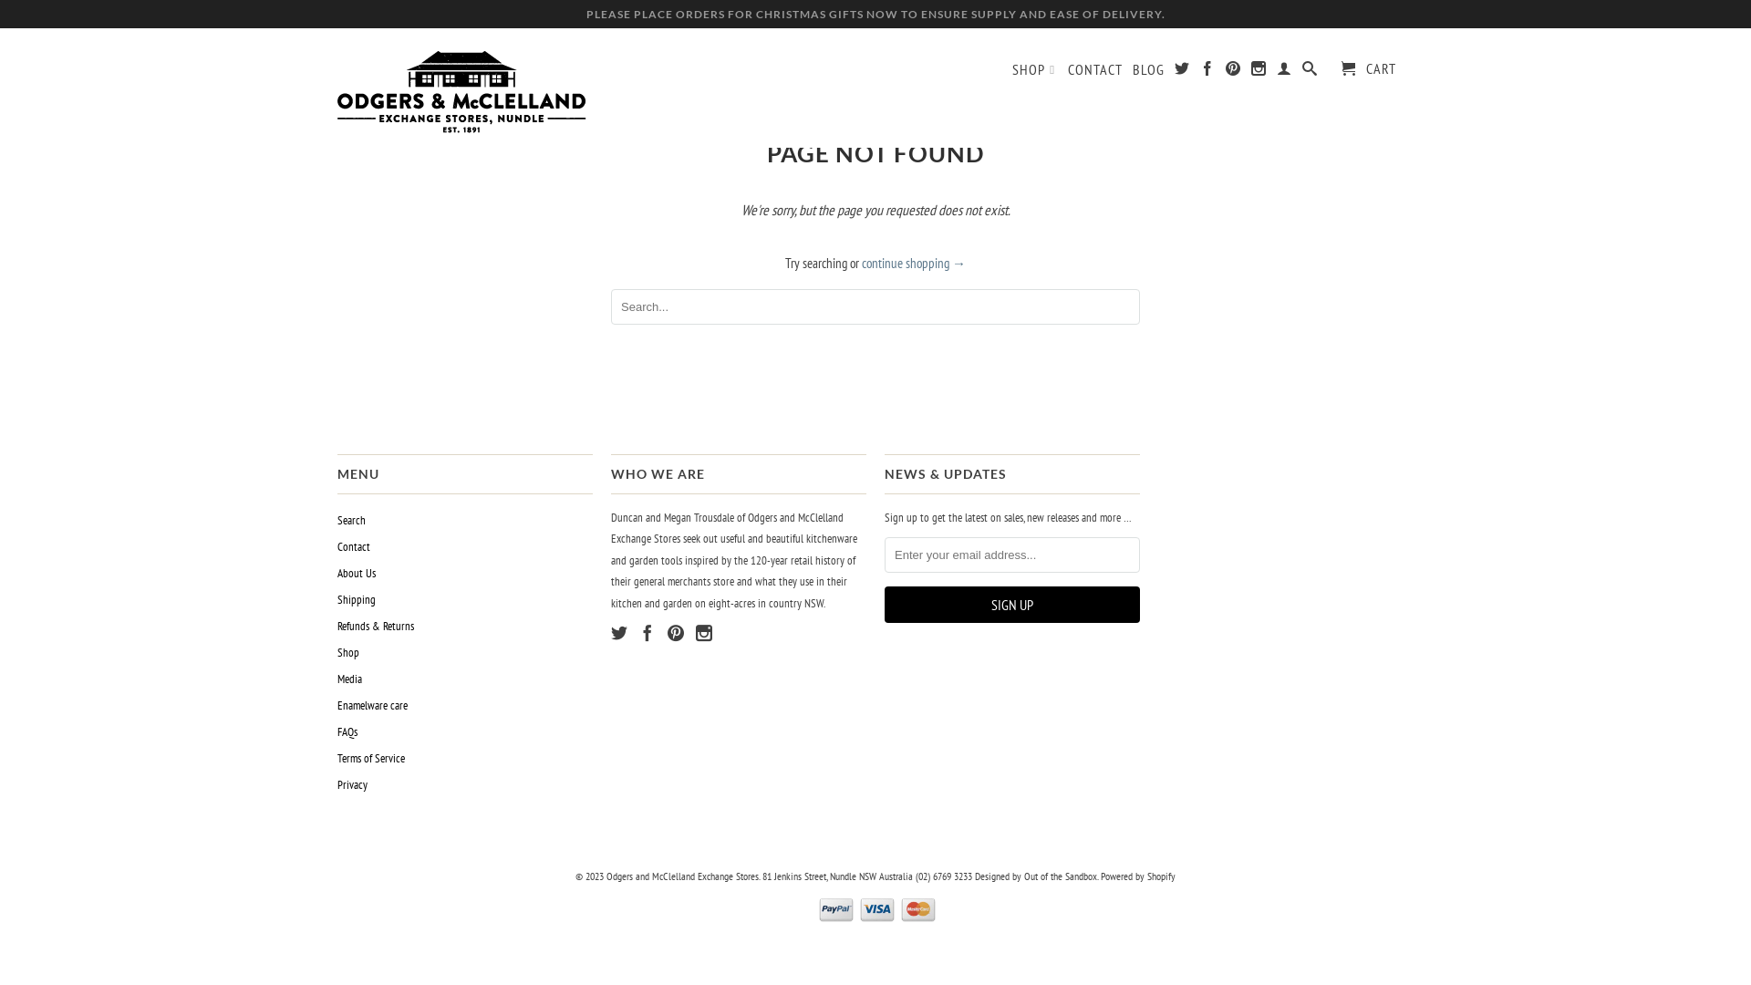 The height and width of the screenshot is (985, 1751). What do you see at coordinates (1276, 70) in the screenshot?
I see `'My Account '` at bounding box center [1276, 70].